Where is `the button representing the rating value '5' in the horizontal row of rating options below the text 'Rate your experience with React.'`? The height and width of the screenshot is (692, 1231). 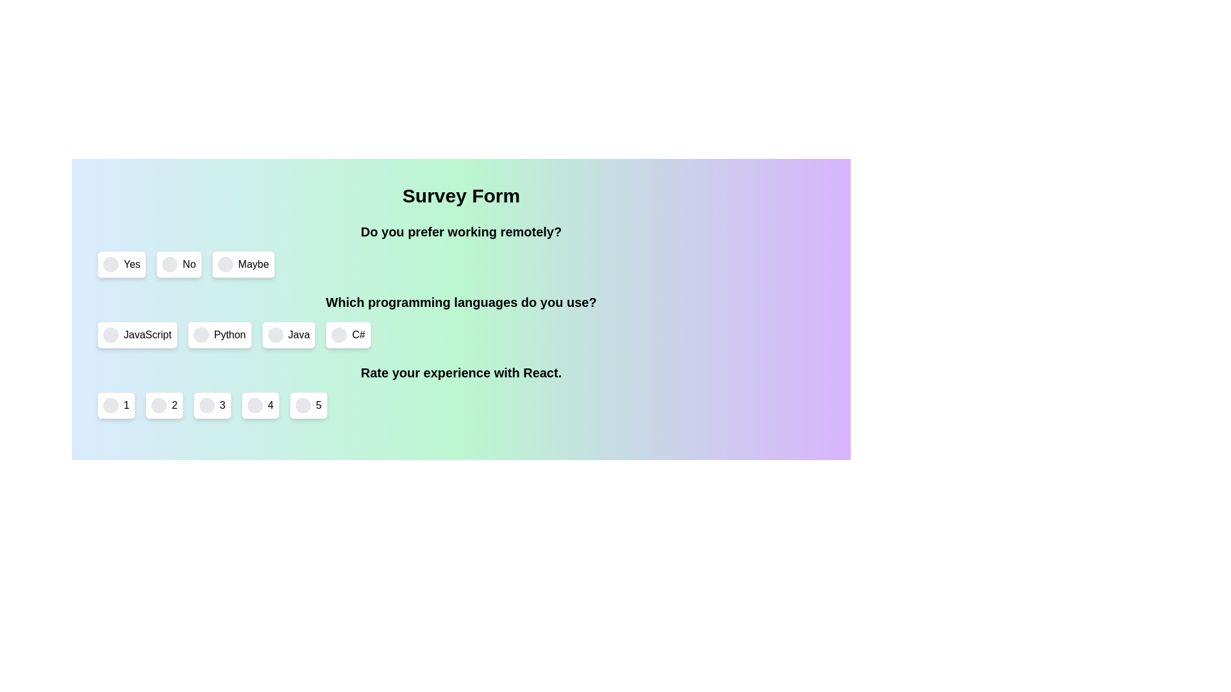 the button representing the rating value '5' in the horizontal row of rating options below the text 'Rate your experience with React.' is located at coordinates (308, 405).